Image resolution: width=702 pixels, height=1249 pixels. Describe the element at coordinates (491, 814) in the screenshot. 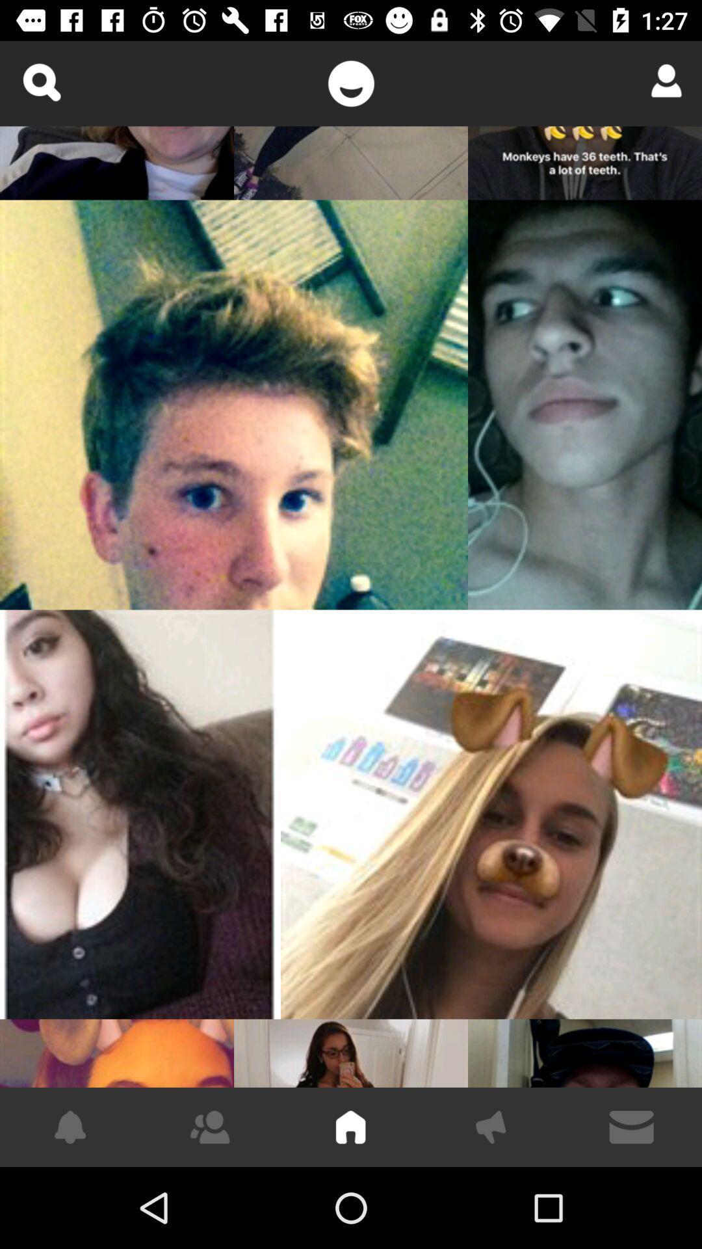

I see `the icon on the right` at that location.